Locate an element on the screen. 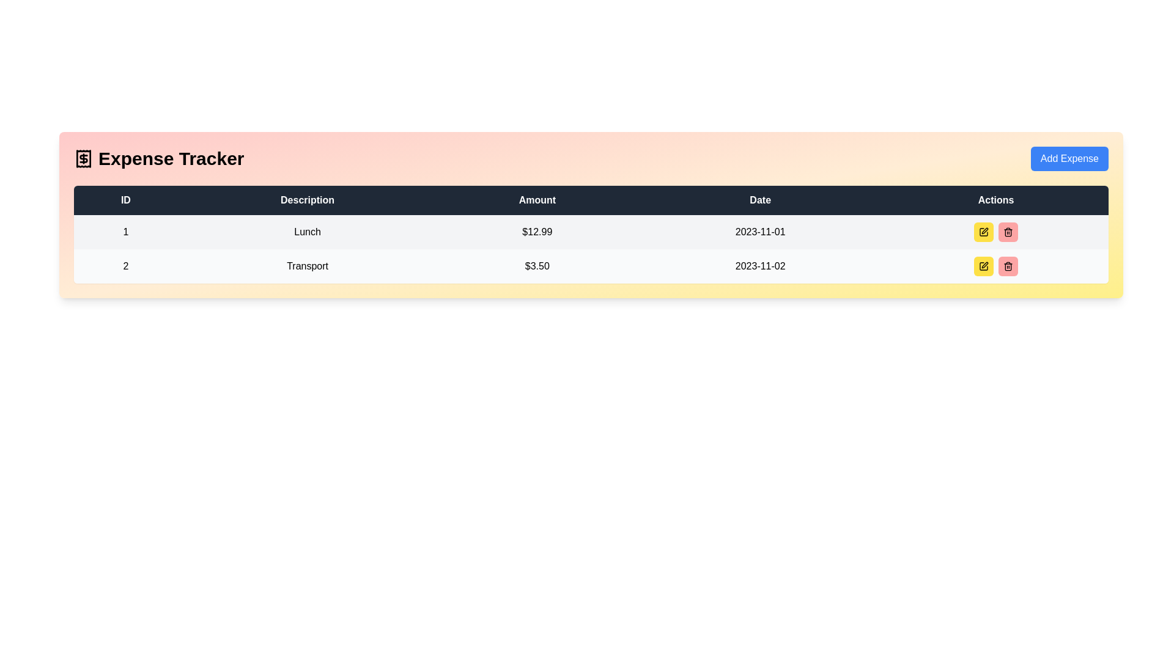 This screenshot has width=1174, height=660. the second row in the table layout that contains ID '2', description 'Transport', amount '$3.50', and date '2023-11-02' is located at coordinates (591, 265).